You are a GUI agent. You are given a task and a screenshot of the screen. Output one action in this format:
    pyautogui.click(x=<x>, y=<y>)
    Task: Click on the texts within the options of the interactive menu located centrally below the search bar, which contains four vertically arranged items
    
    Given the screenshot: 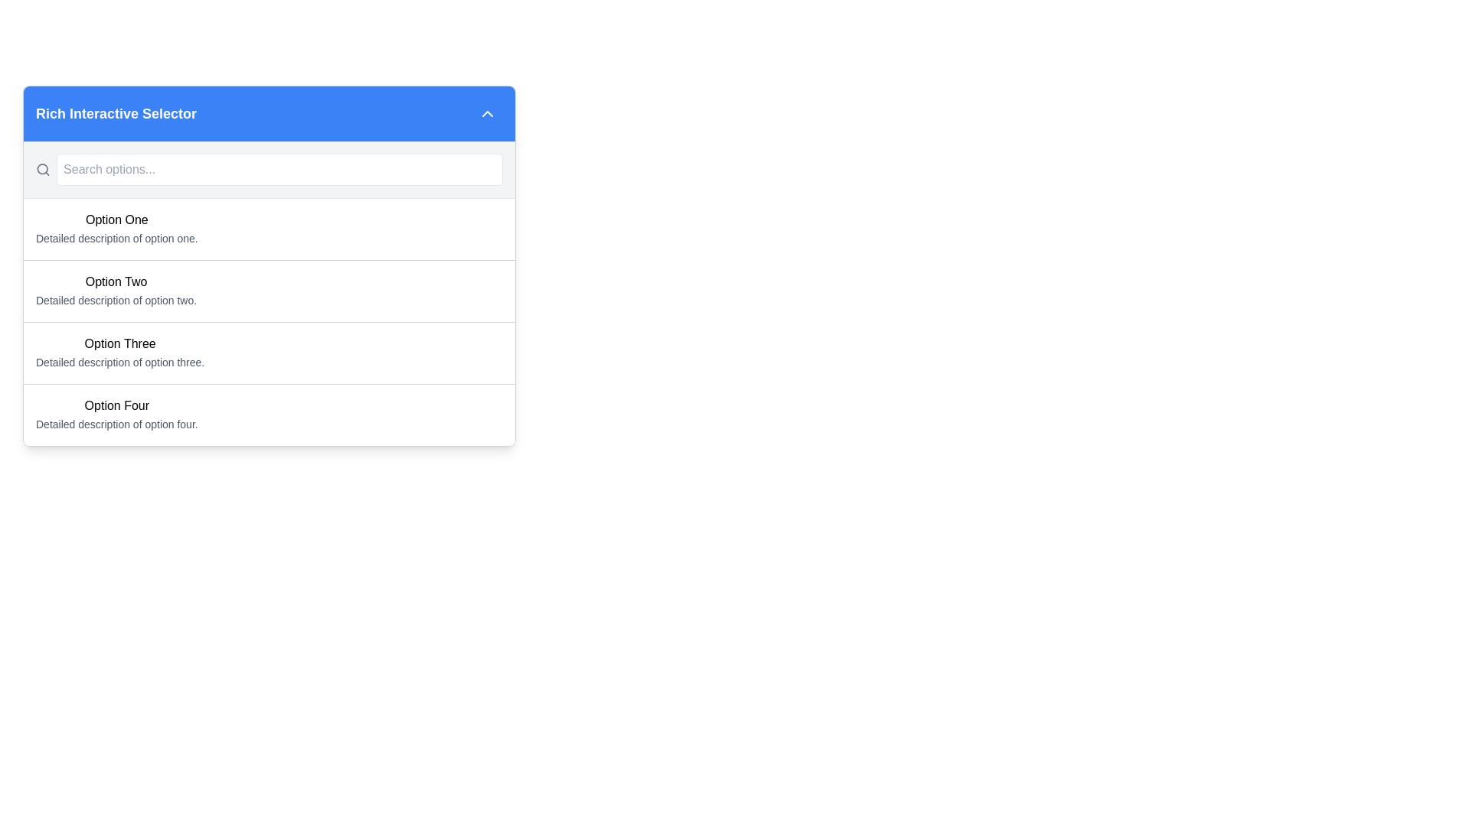 What is the action you would take?
    pyautogui.click(x=269, y=320)
    